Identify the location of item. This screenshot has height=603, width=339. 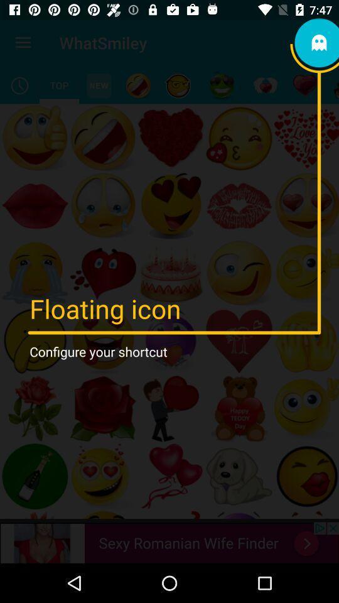
(221, 85).